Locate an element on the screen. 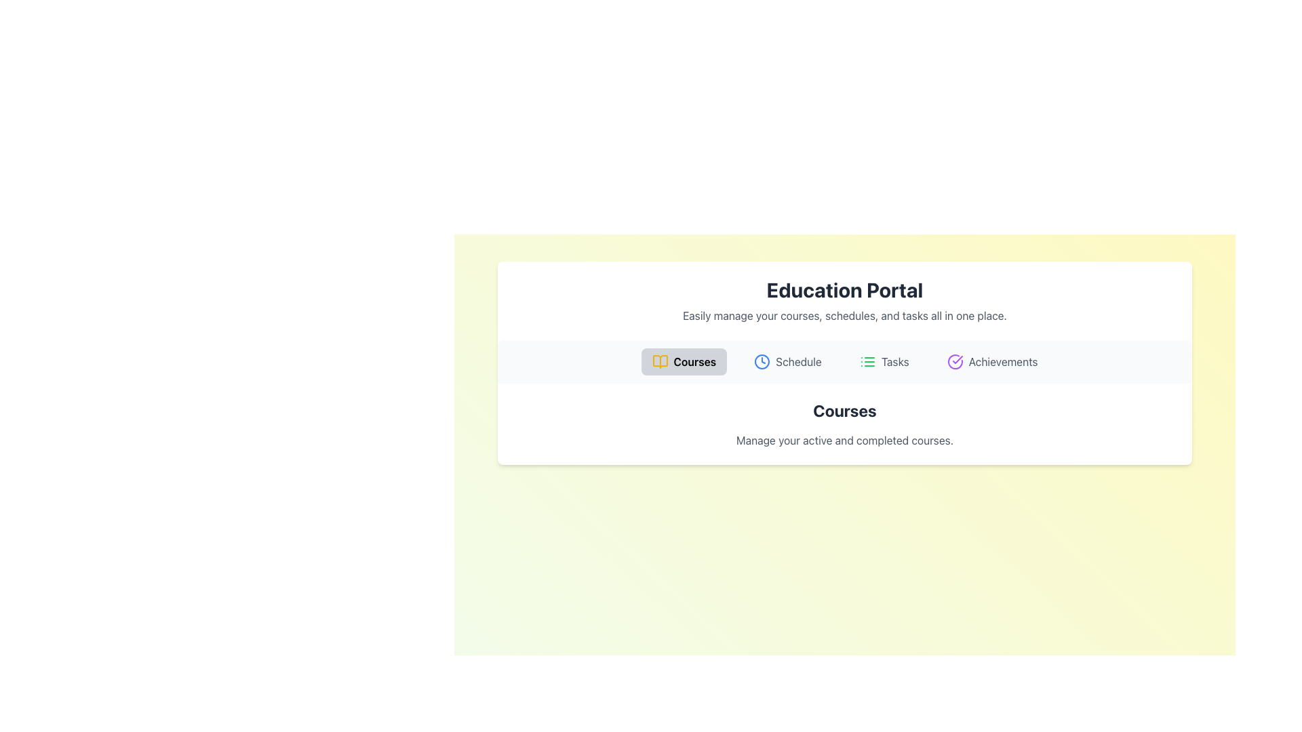 Image resolution: width=1302 pixels, height=732 pixels. the non-interactive text display that serves as a descriptive subtitle below the 'Education Portal' title is located at coordinates (844, 316).